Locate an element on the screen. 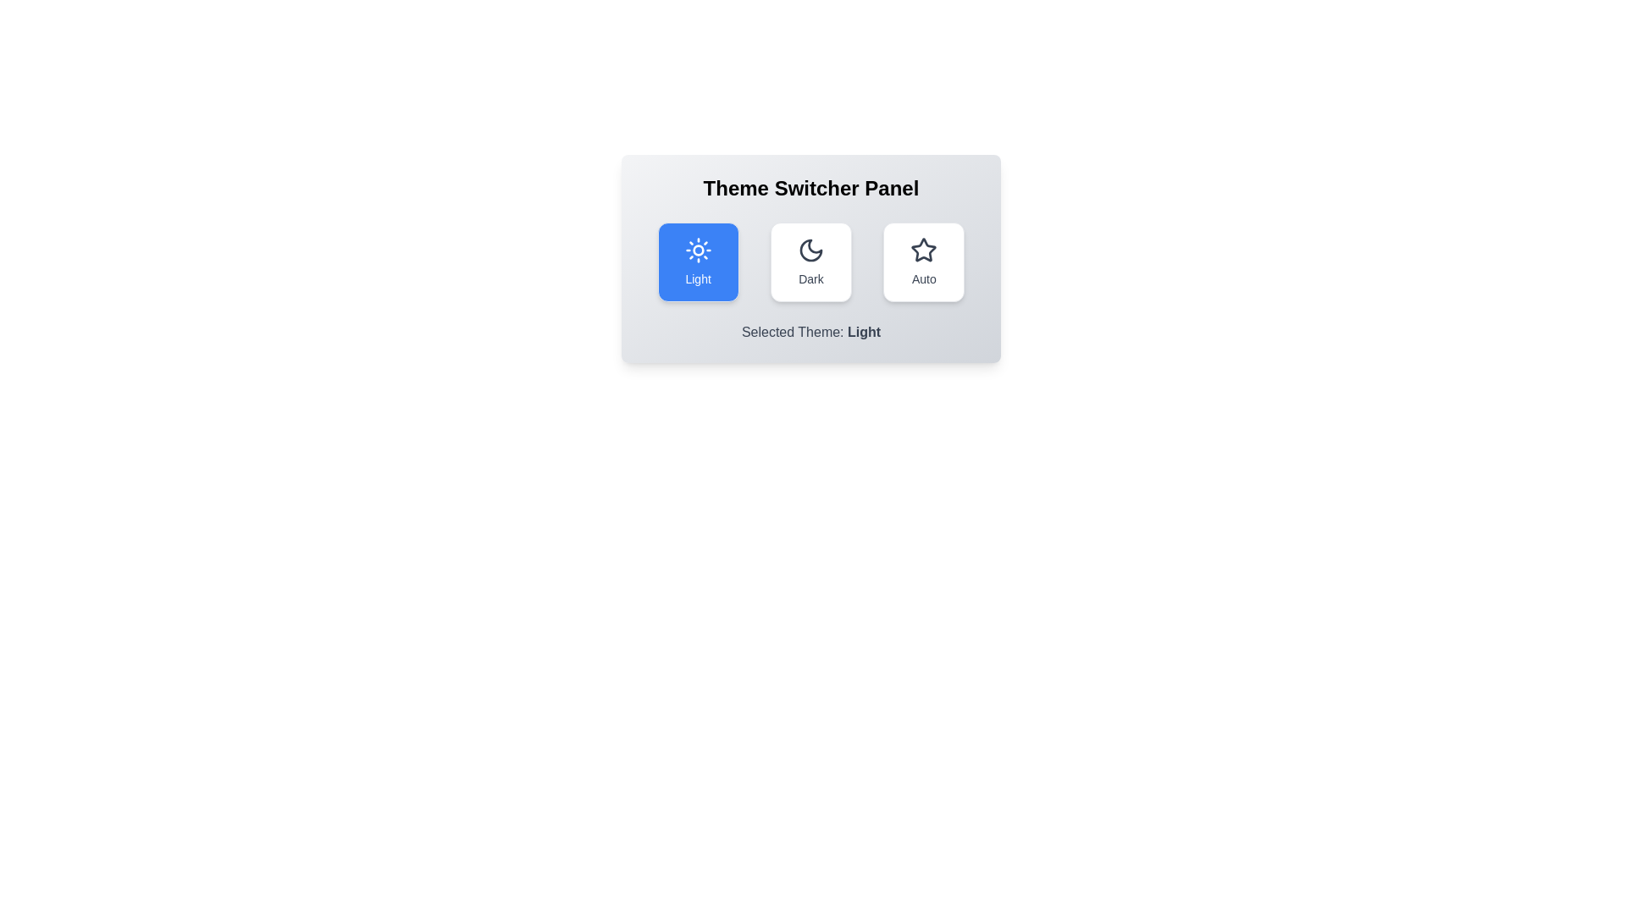 This screenshot has width=1626, height=914. the descriptive label for the 'Light' theme selection option, located under the sun icon in the leftmost section of the theme options row is located at coordinates (698, 278).